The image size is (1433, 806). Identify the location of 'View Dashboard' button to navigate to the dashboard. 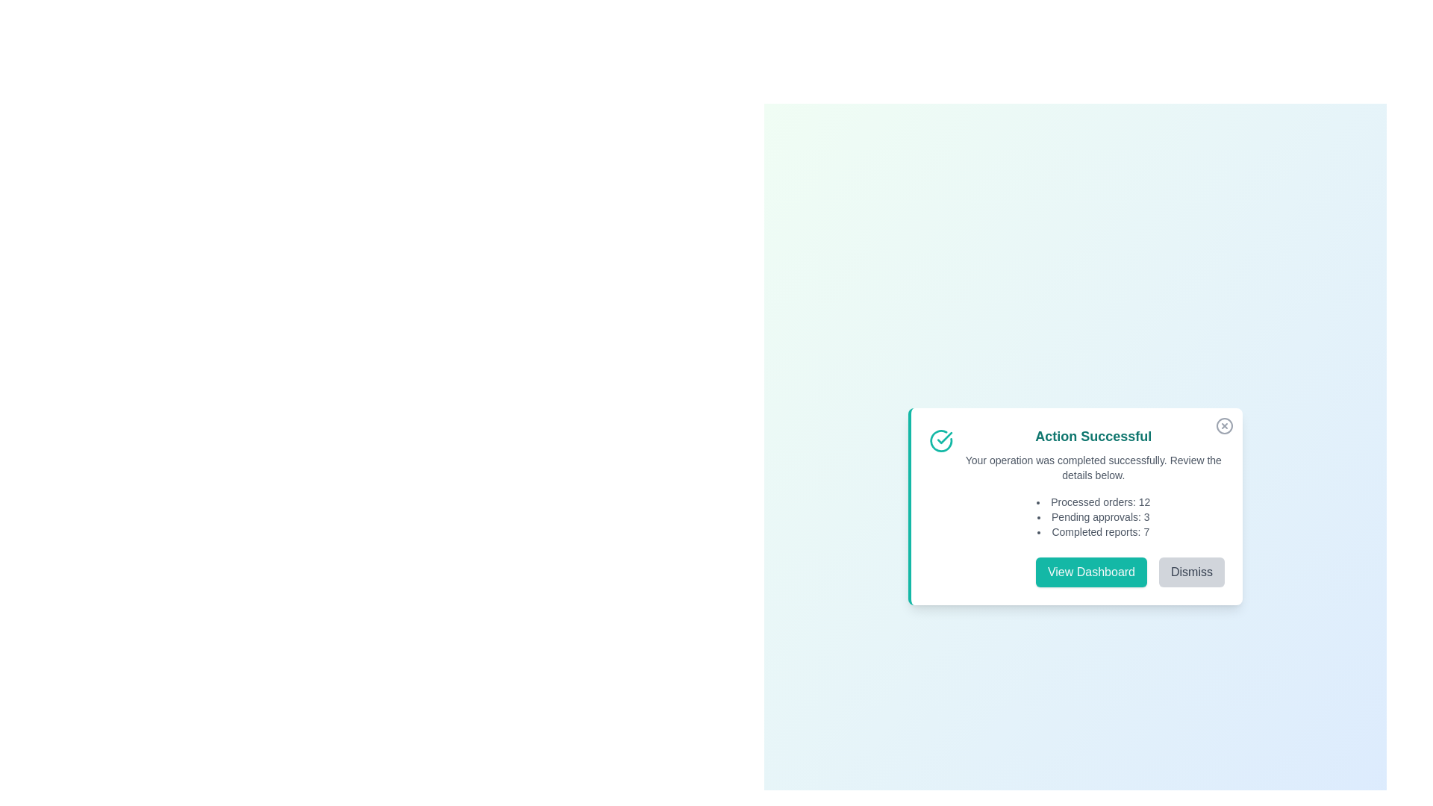
(1091, 572).